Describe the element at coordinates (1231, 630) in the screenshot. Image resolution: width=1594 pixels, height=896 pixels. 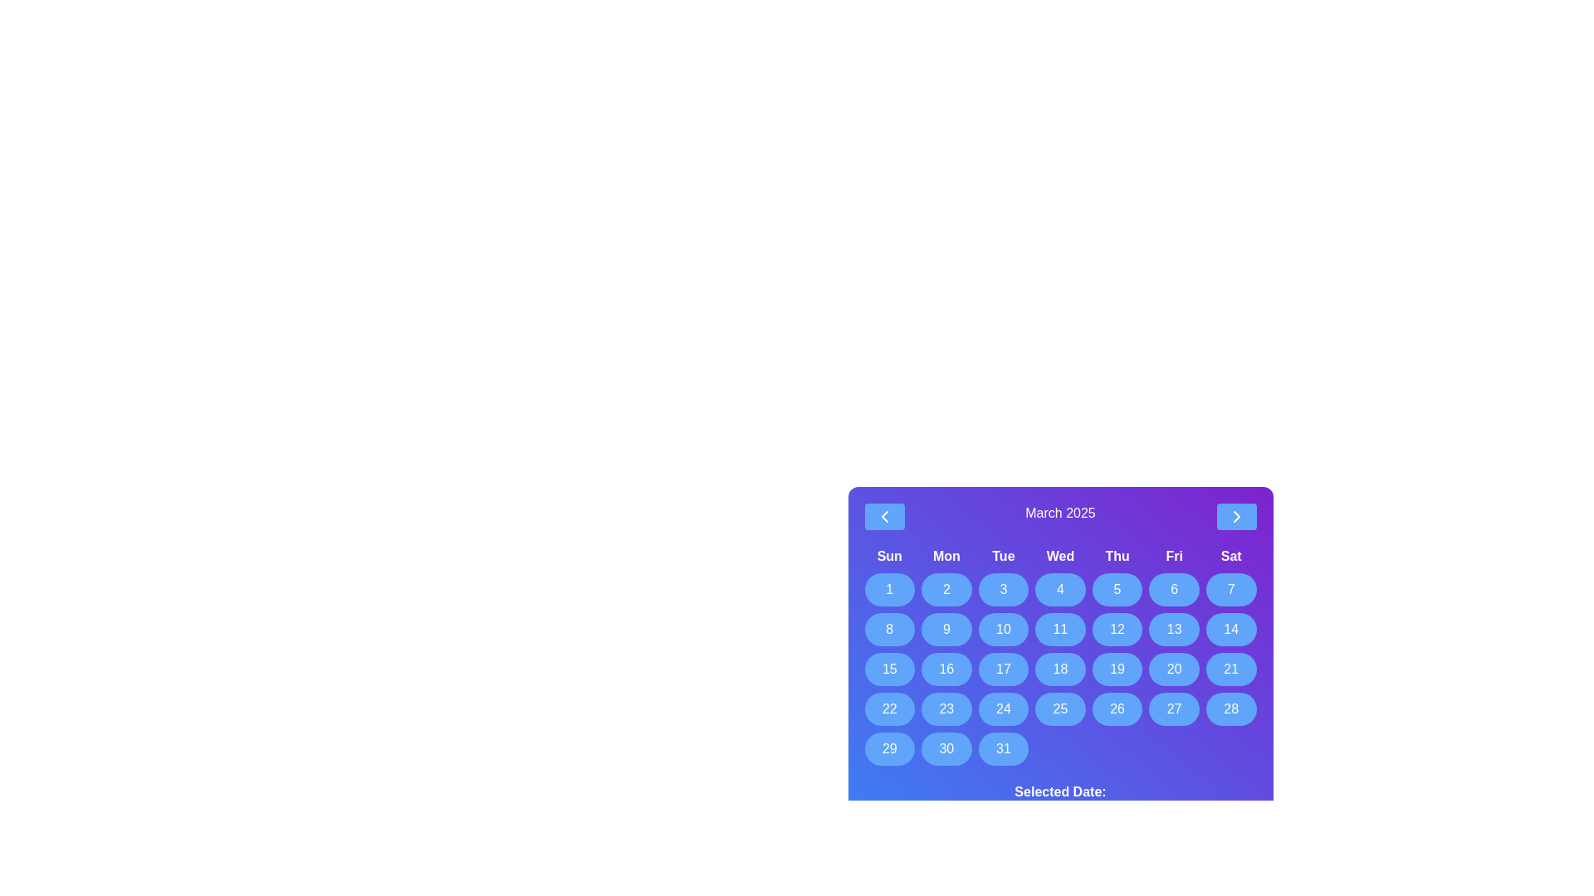
I see `the calendar date button representing the 14th day of the month, located in the last column (Saturday) of the calendar grid` at that location.